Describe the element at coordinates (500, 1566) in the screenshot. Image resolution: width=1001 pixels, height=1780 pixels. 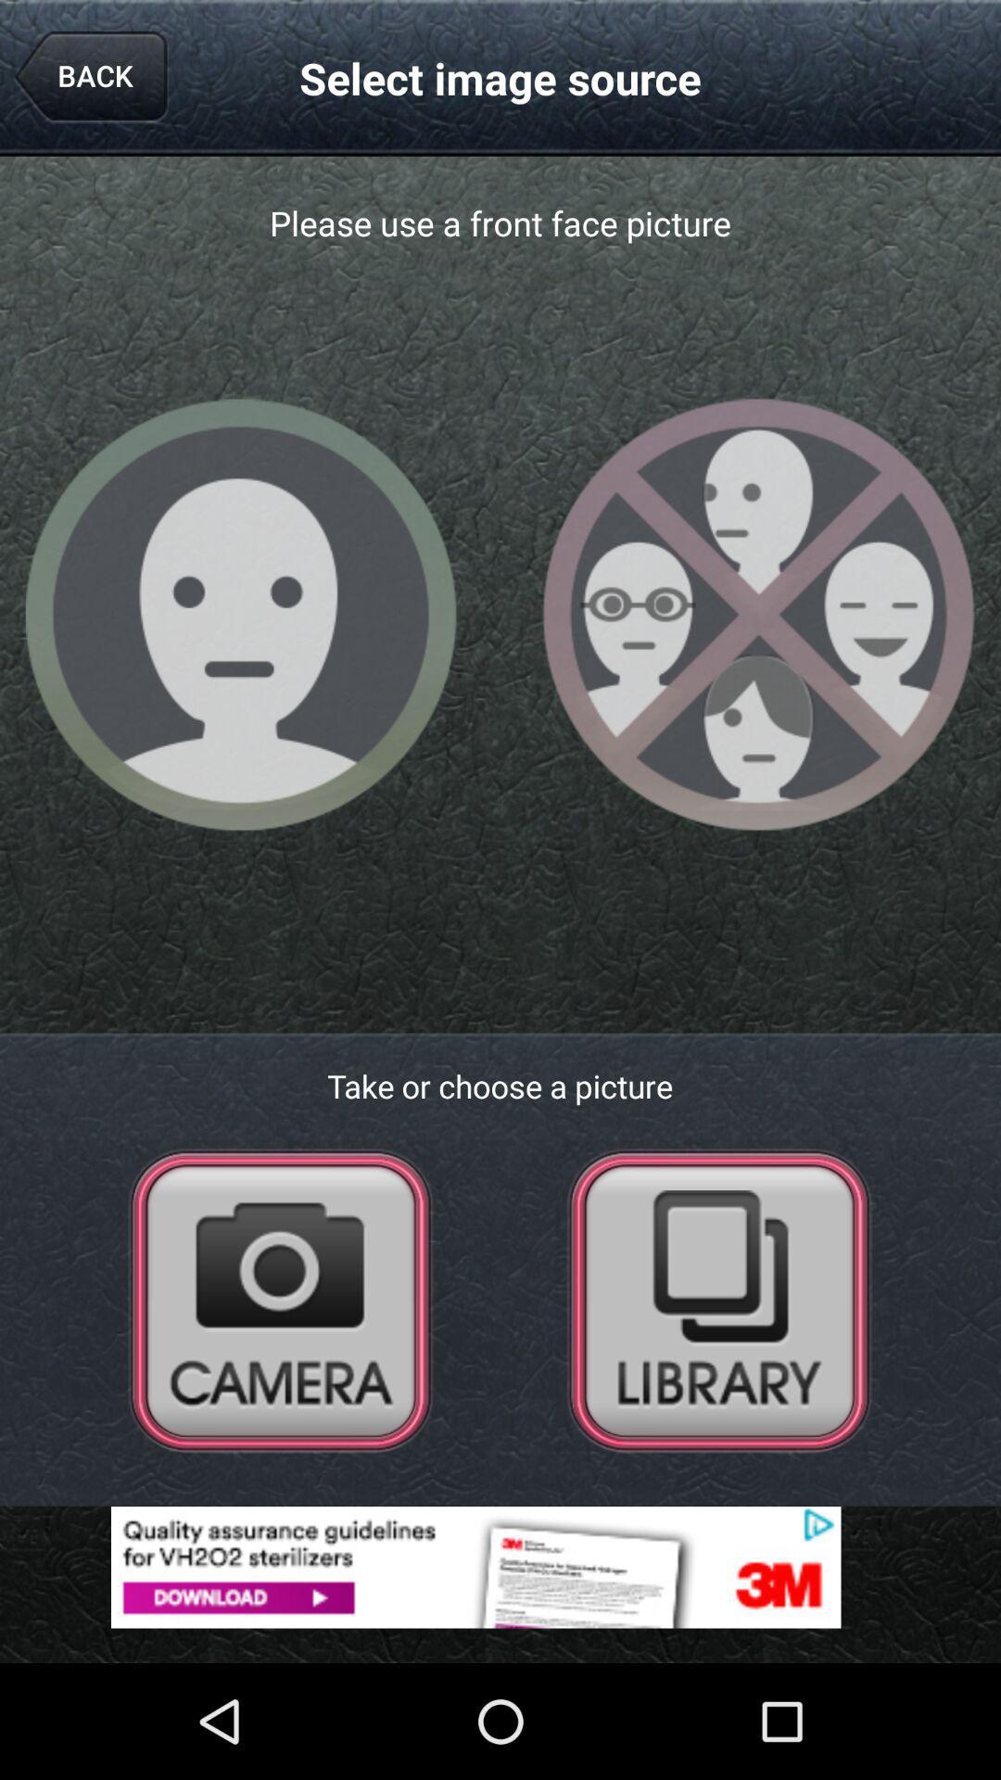
I see `learn about this product` at that location.